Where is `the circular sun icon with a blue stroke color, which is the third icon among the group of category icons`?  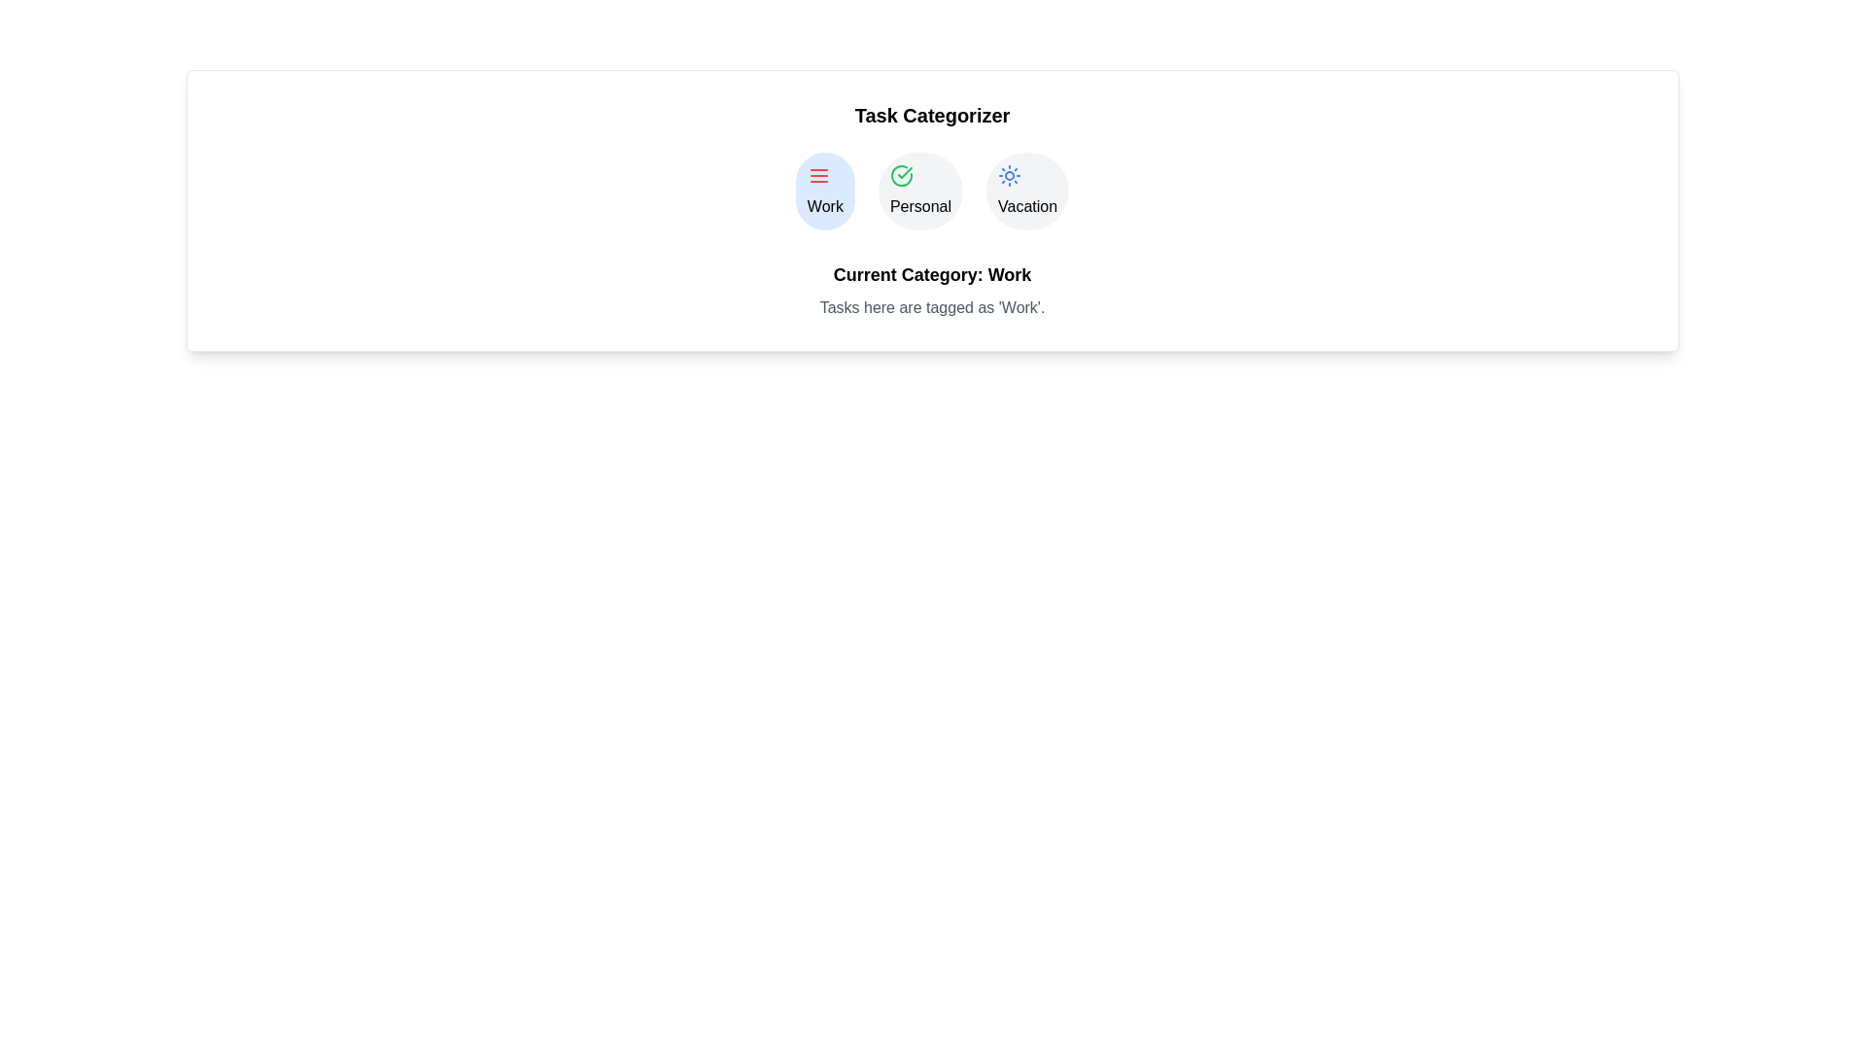 the circular sun icon with a blue stroke color, which is the third icon among the group of category icons is located at coordinates (1010, 176).